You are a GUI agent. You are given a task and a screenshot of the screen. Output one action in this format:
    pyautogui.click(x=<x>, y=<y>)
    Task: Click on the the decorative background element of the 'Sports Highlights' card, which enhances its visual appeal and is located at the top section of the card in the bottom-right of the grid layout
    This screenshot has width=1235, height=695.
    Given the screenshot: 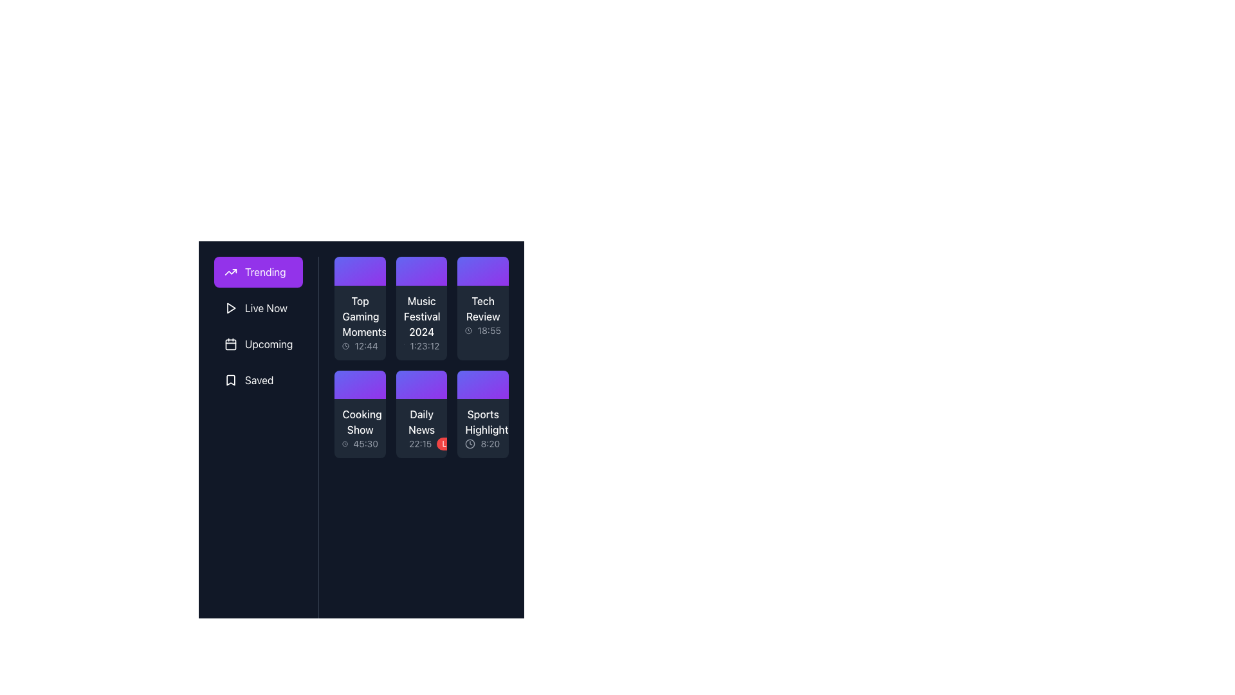 What is the action you would take?
    pyautogui.click(x=482, y=384)
    